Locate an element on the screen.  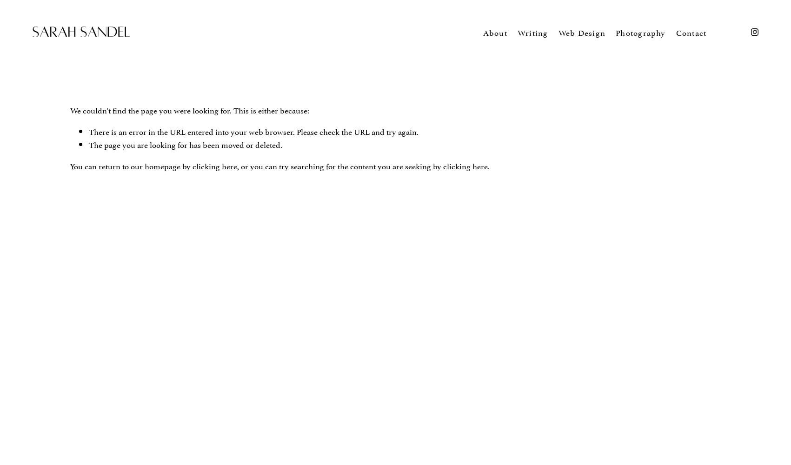
', or you can try searching for the
  content you are seeking by' is located at coordinates (339, 165).